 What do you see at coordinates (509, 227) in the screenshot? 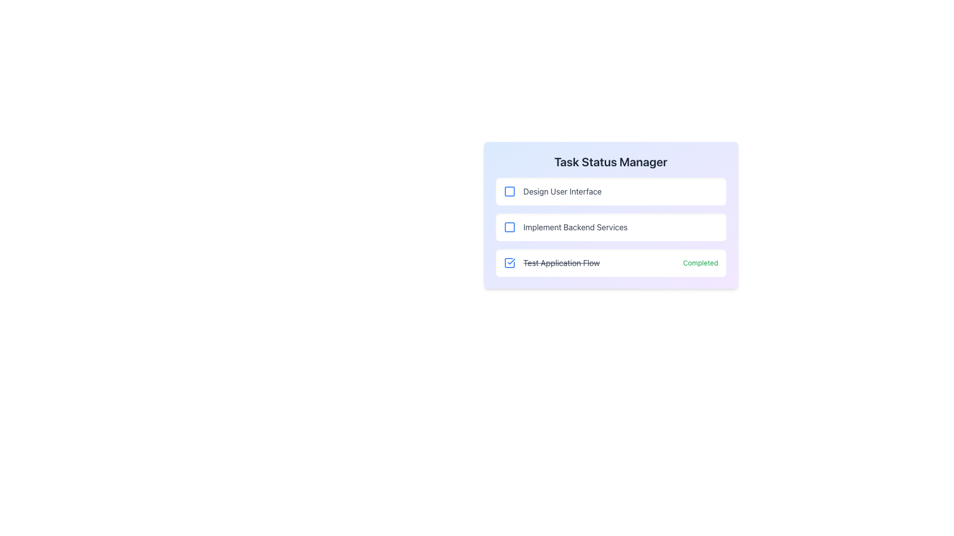
I see `the interactive checkbox located to the left of the text 'Implement Backend Services' in the task list` at bounding box center [509, 227].